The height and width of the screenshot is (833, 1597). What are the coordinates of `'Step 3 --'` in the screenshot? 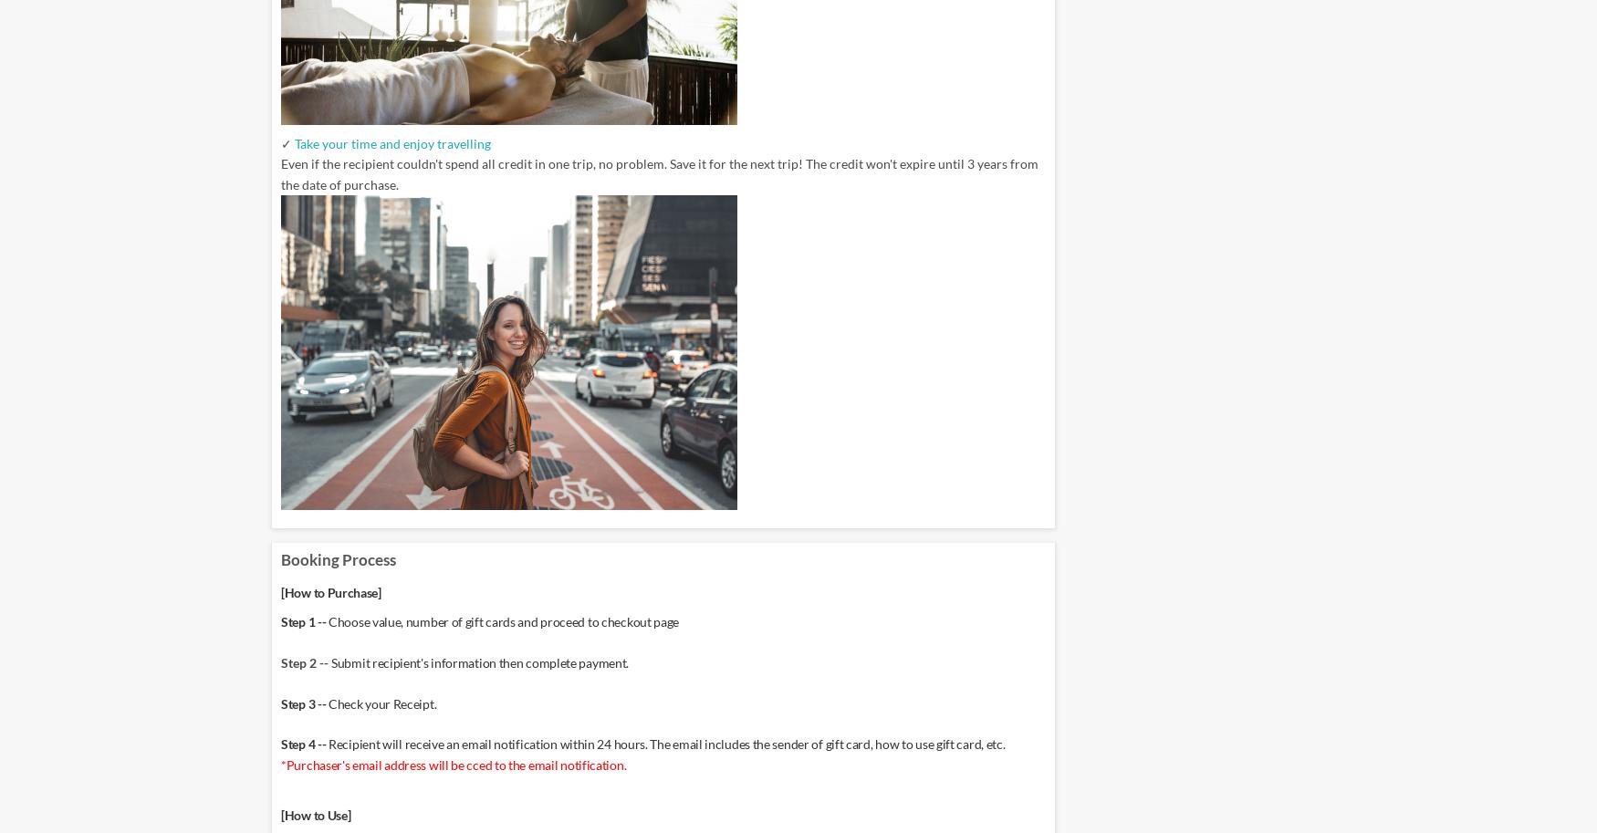 It's located at (280, 703).